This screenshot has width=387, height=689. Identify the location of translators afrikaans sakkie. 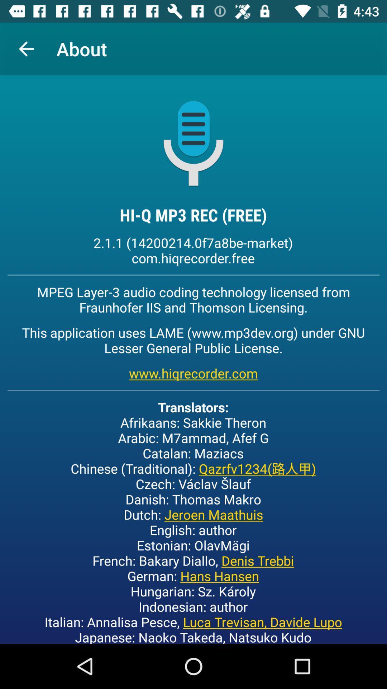
(193, 521).